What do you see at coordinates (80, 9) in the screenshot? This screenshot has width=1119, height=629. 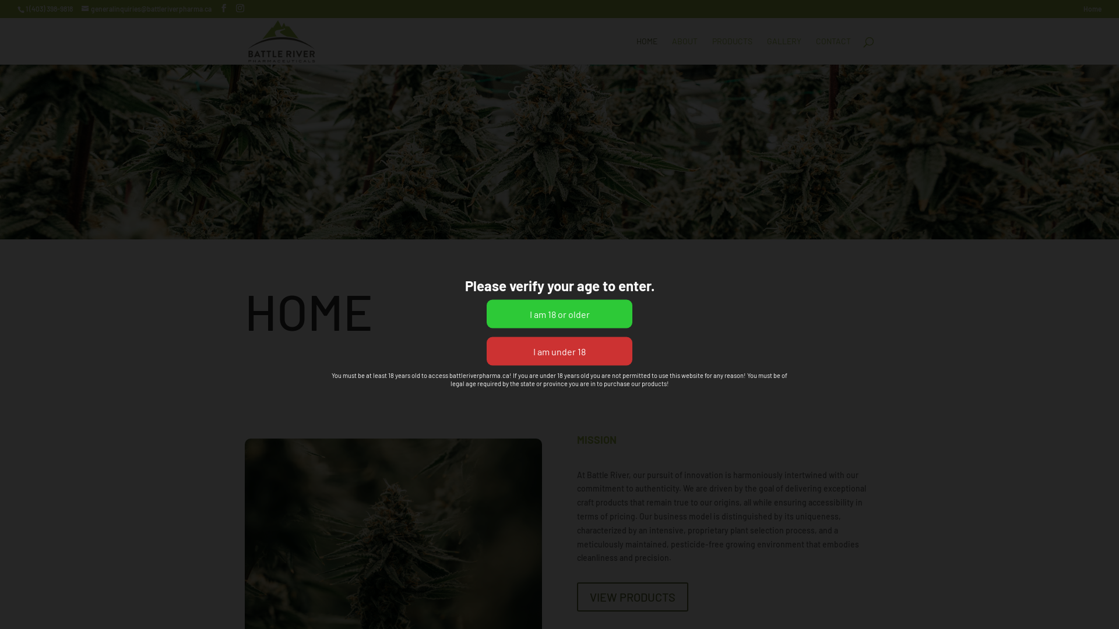 I see `'generalinquiries@battleriverpharma.ca'` at bounding box center [80, 9].